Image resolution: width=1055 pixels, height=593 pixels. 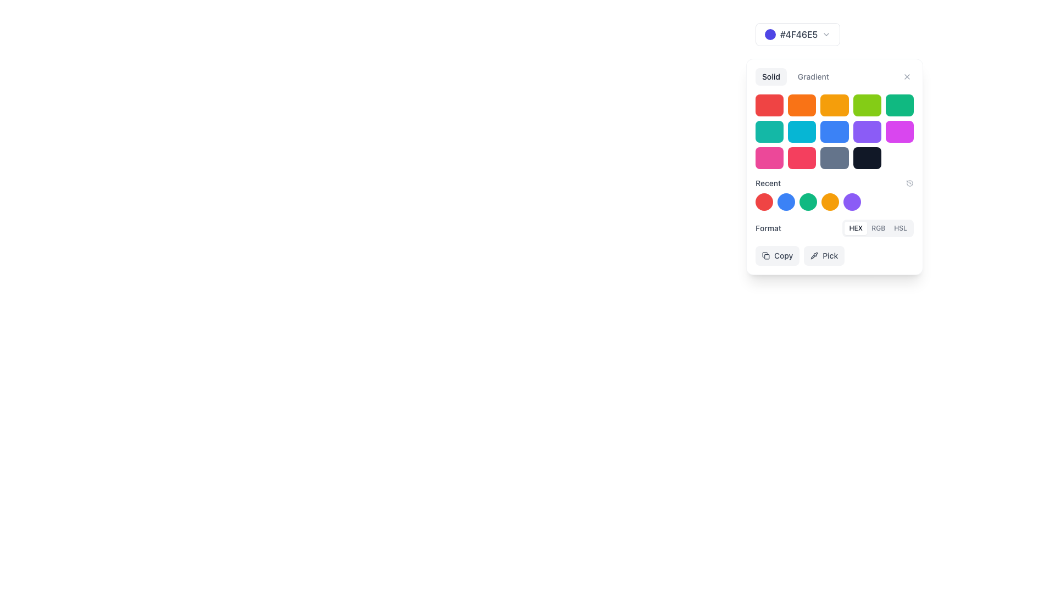 What do you see at coordinates (867, 105) in the screenshot?
I see `the fourth button in the top row of a 5-column grid layout, which is a rectangular button with rounded corners and a vibrant green fill color` at bounding box center [867, 105].